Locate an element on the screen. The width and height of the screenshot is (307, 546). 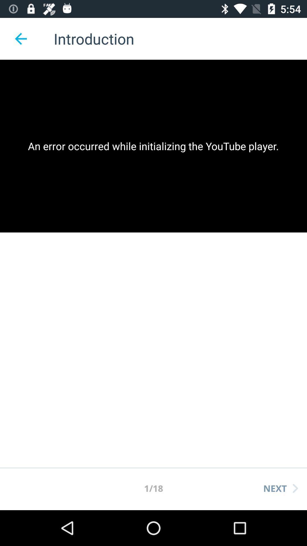
the next icon is located at coordinates (280, 488).